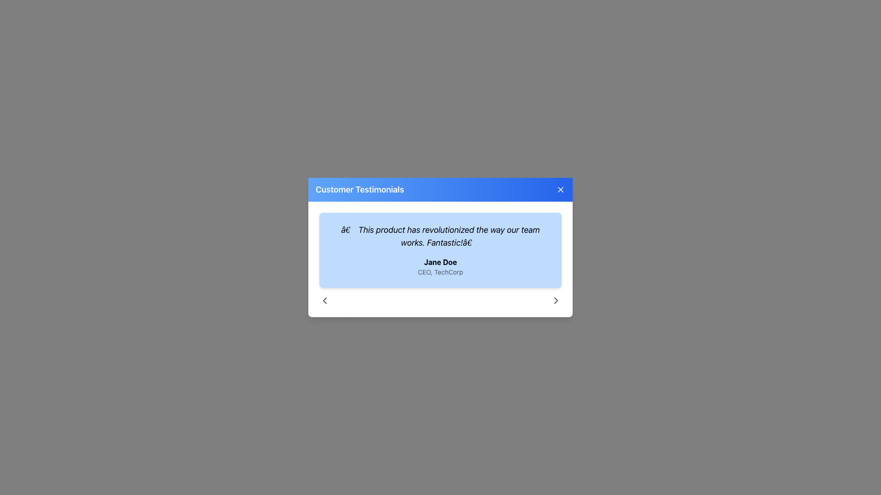 The height and width of the screenshot is (495, 881). I want to click on the text label displaying 'CEO, TechCorp', which is styled in a smaller font size and grayed-out color, located below the bold-text name 'Jane Doe' within a blue testimonial card, so click(440, 272).